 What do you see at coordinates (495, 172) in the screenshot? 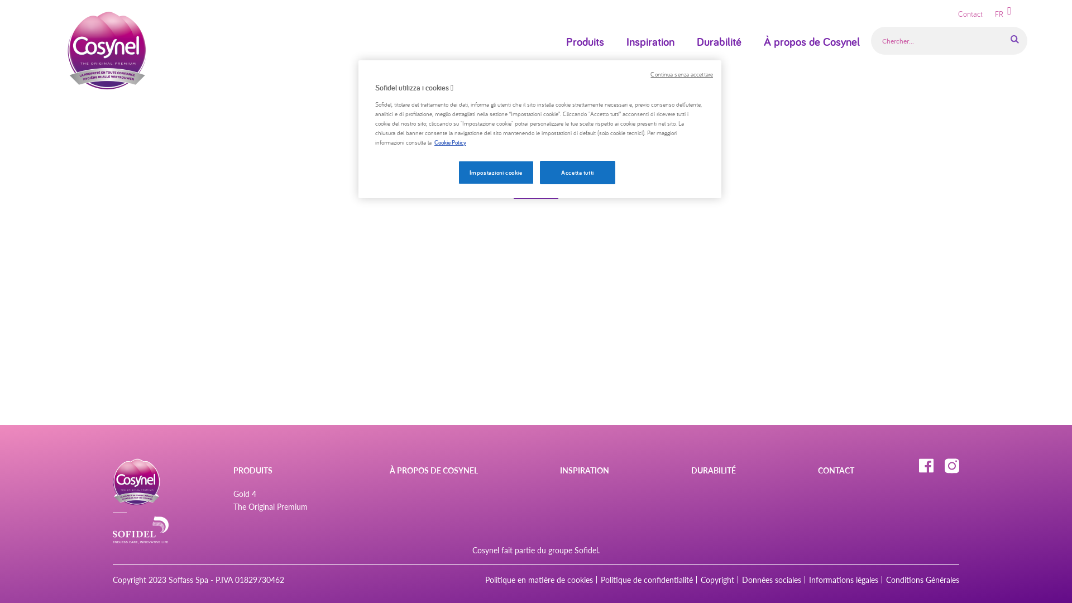
I see `'Impostazioni cookie'` at bounding box center [495, 172].